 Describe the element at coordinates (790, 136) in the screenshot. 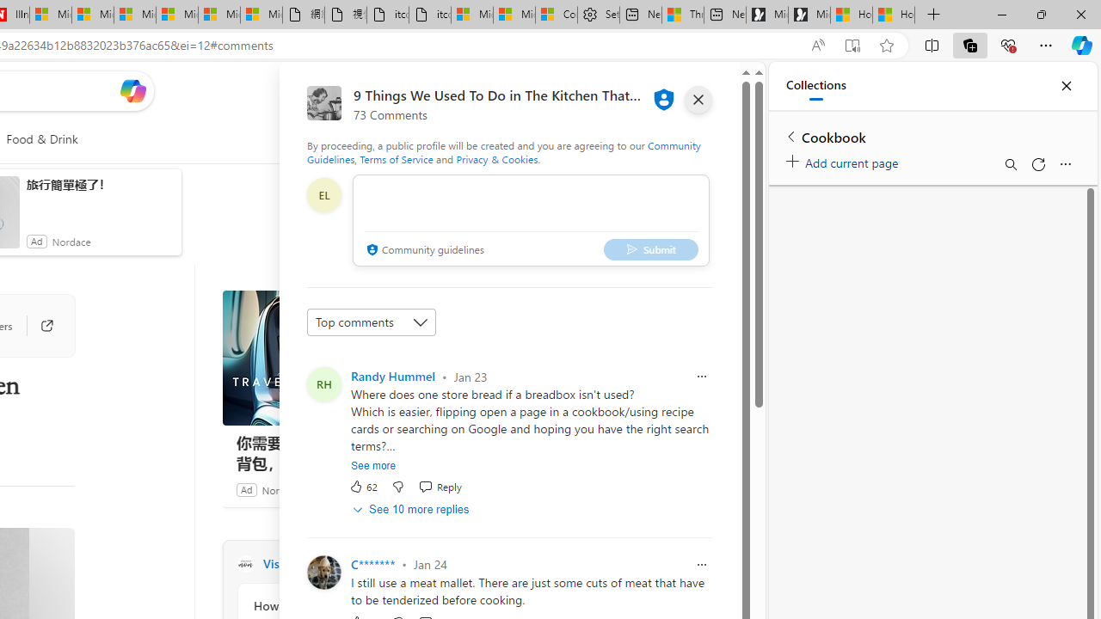

I see `'Back to list of collections'` at that location.